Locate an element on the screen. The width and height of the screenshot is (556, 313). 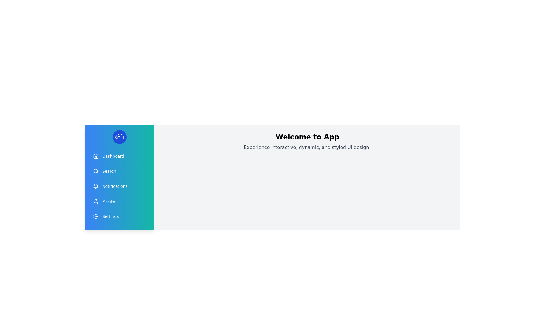
the menu item Notifications from the drawer is located at coordinates (119, 186).